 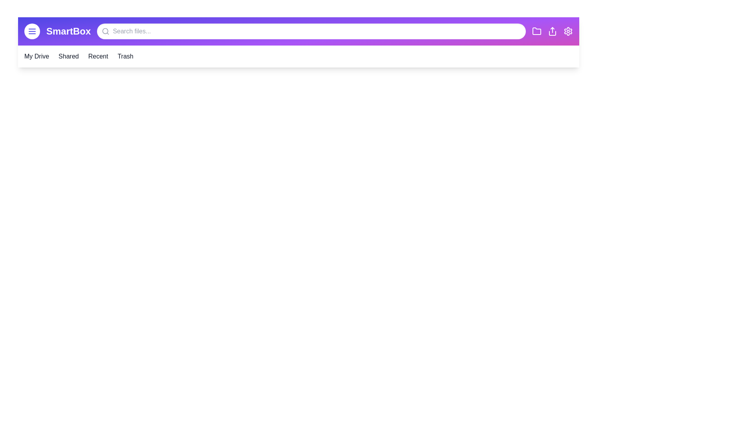 I want to click on the 'Shared' section in the navigation bar, so click(x=68, y=56).